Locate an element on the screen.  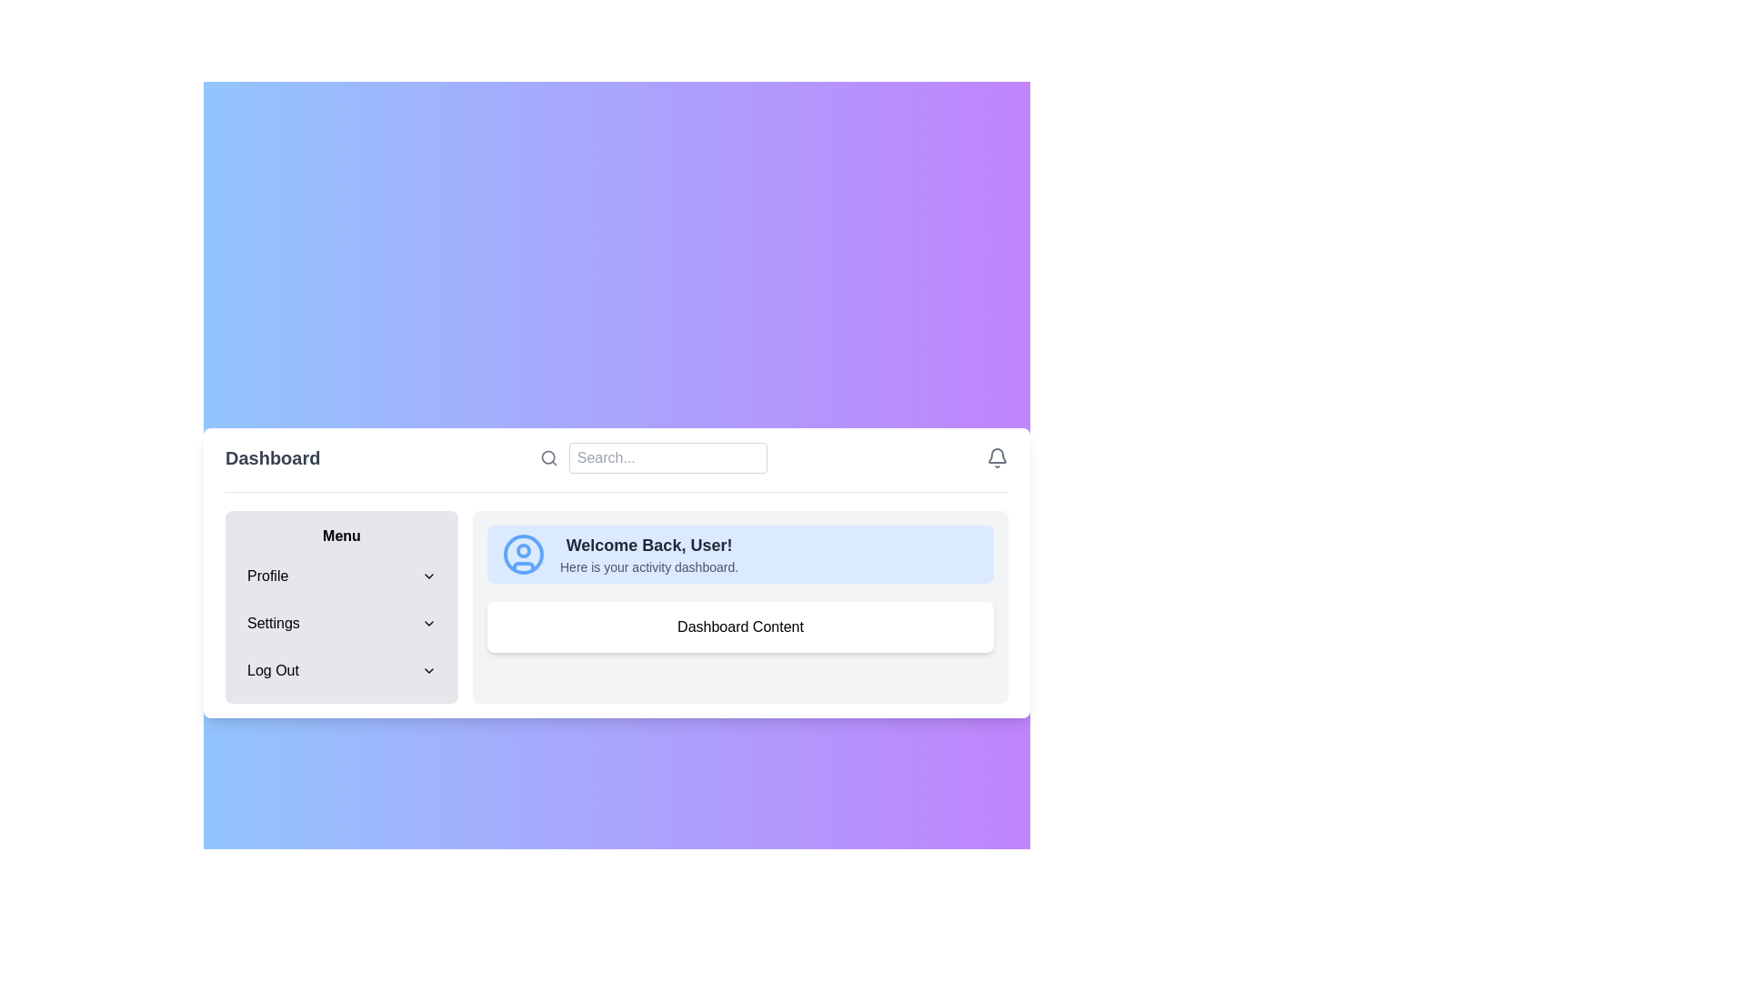
the static text label that identifies the current section of the app as 'Dashboard', located in the upper-left corner of the header area, to the left of the search input field and search icon is located at coordinates (272, 456).